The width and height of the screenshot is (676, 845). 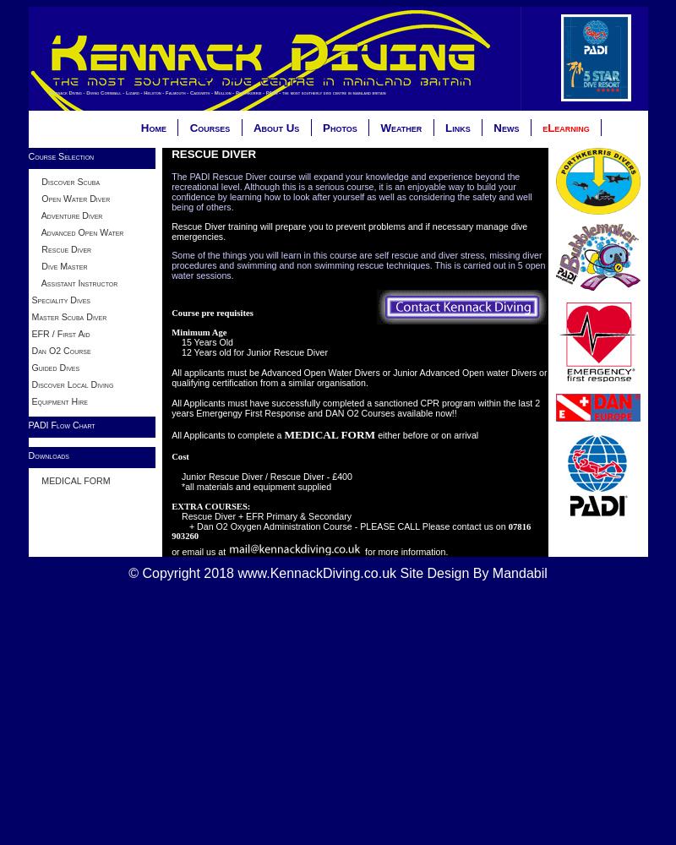 What do you see at coordinates (171, 525) in the screenshot?
I see `'+ Dan O2 Oxygen Administration Course - PLEASE CALL															


															Please contact us on'` at bounding box center [171, 525].